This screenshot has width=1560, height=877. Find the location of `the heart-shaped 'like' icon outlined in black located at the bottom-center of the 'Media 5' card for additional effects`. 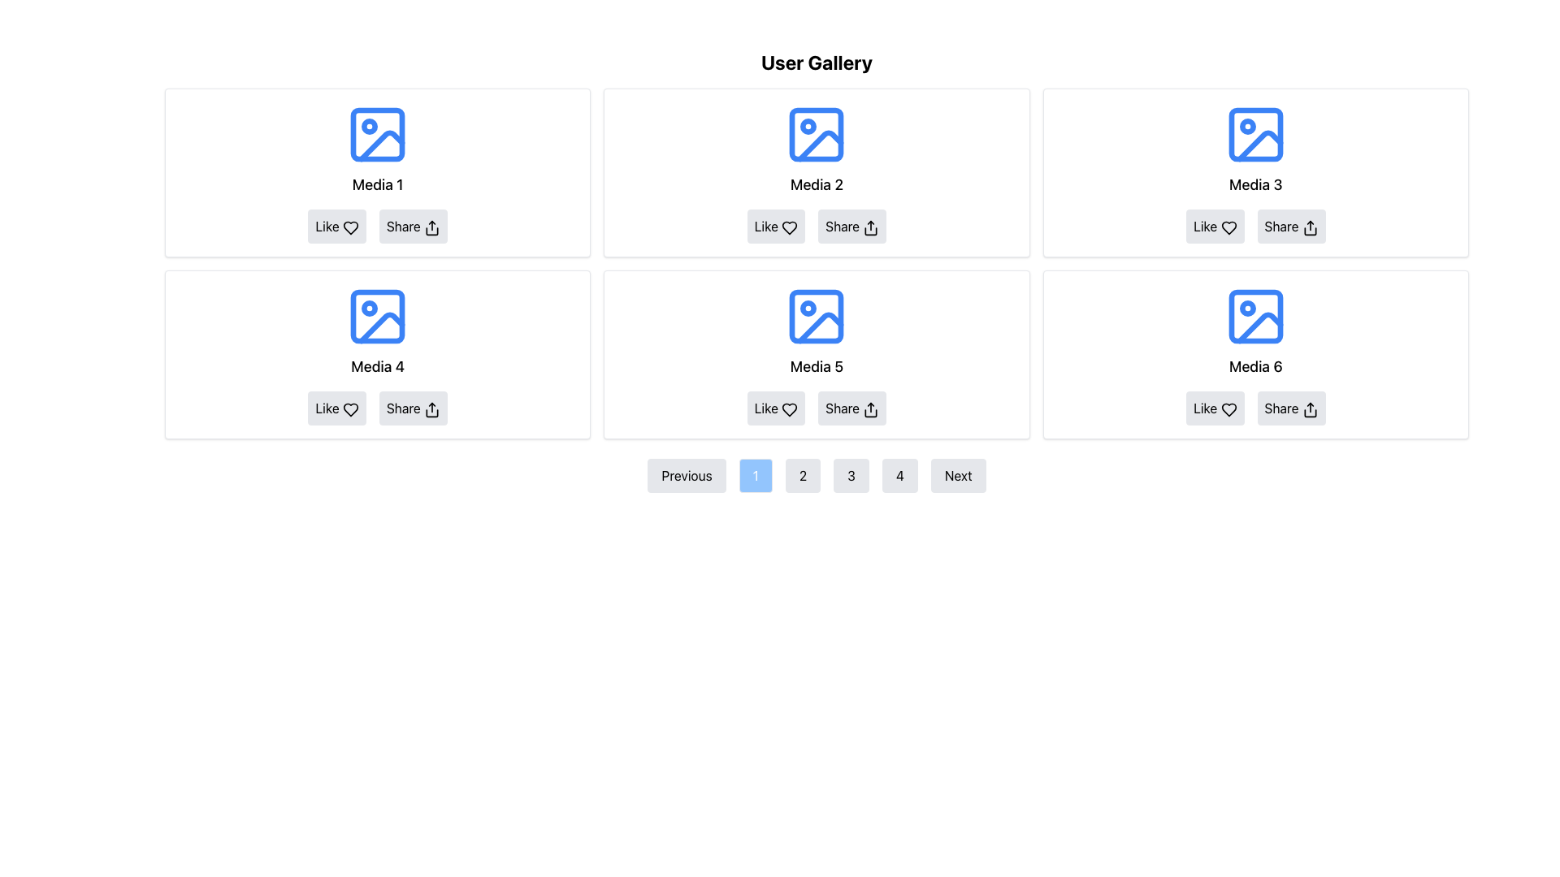

the heart-shaped 'like' icon outlined in black located at the bottom-center of the 'Media 5' card for additional effects is located at coordinates (790, 408).